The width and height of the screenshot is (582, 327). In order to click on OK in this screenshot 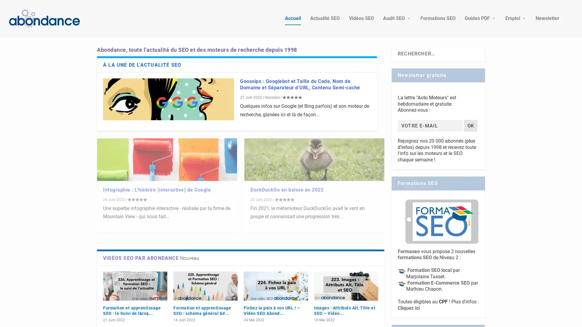, I will do `click(470, 124)`.